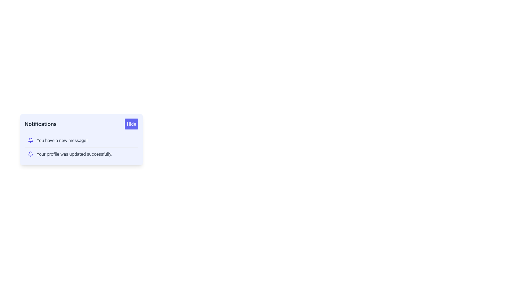 This screenshot has height=295, width=525. Describe the element at coordinates (62, 140) in the screenshot. I see `the text element that reads 'You have a new message!' which is positioned to the right of a small bell icon within a notification card` at that location.